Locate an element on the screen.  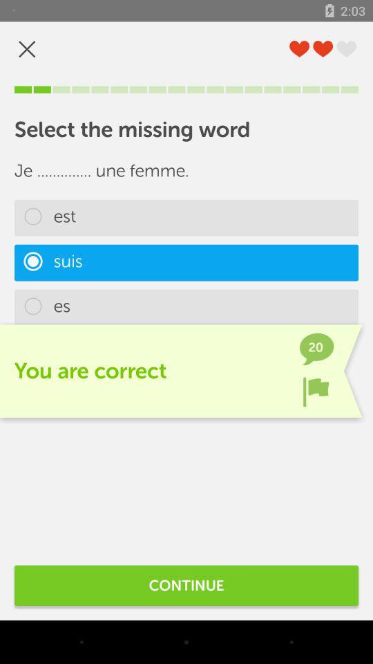
item above the es item is located at coordinates (186, 262).